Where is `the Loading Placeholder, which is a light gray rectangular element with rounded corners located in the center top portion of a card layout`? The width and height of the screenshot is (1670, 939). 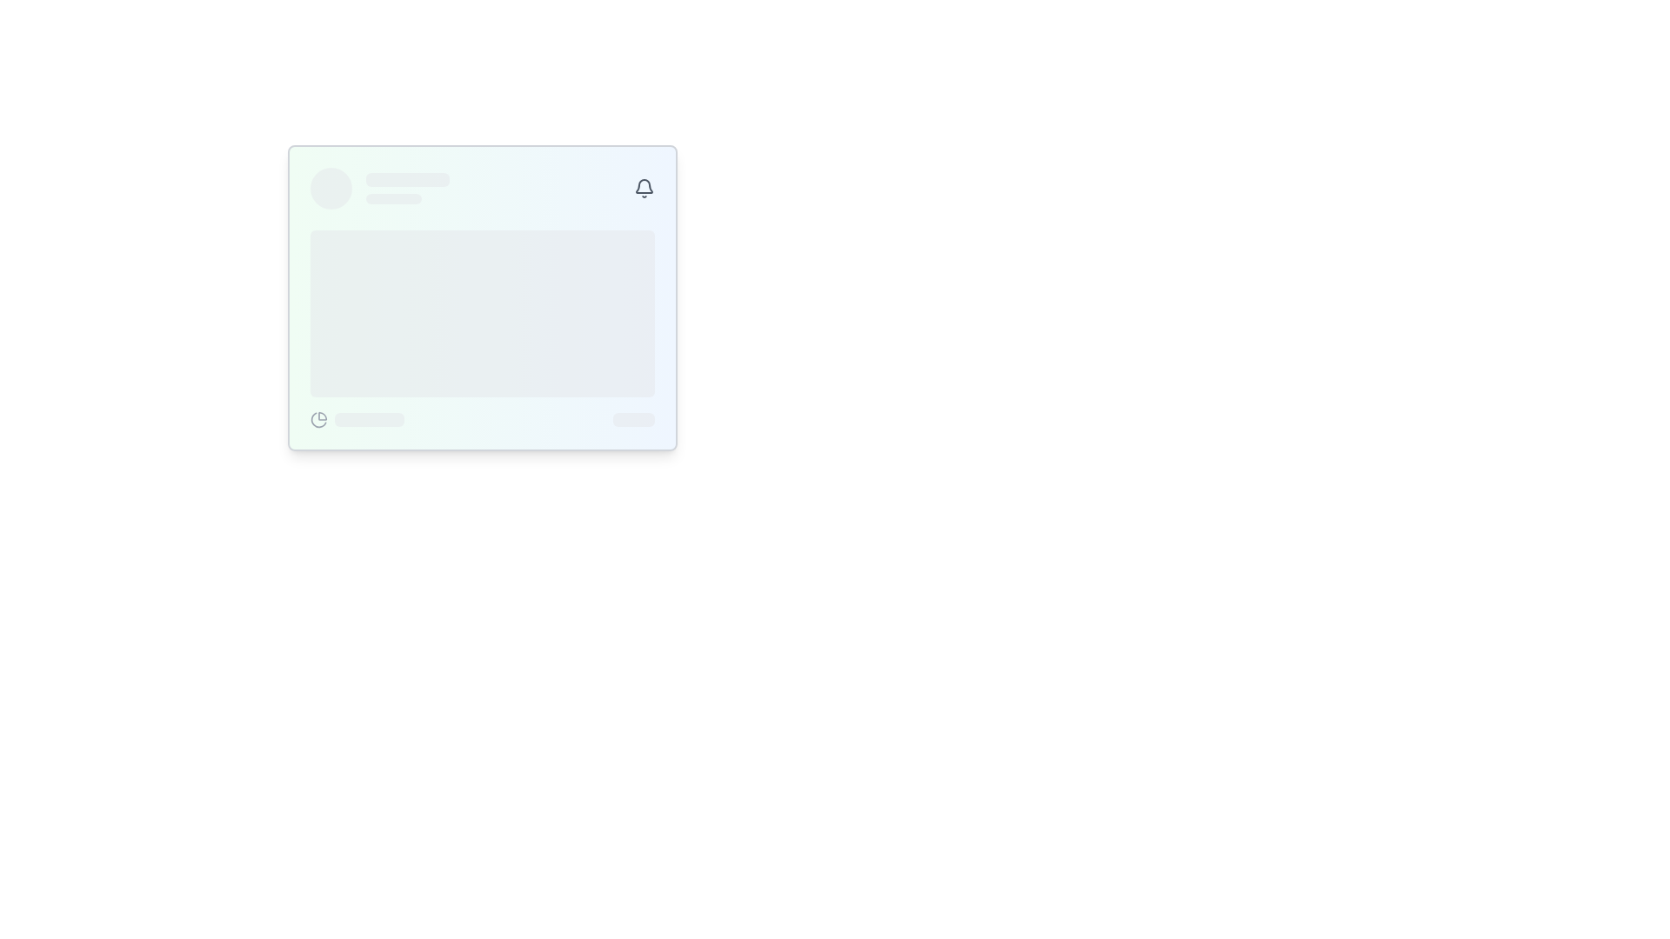 the Loading Placeholder, which is a light gray rectangular element with rounded corners located in the center top portion of a card layout is located at coordinates (407, 188).